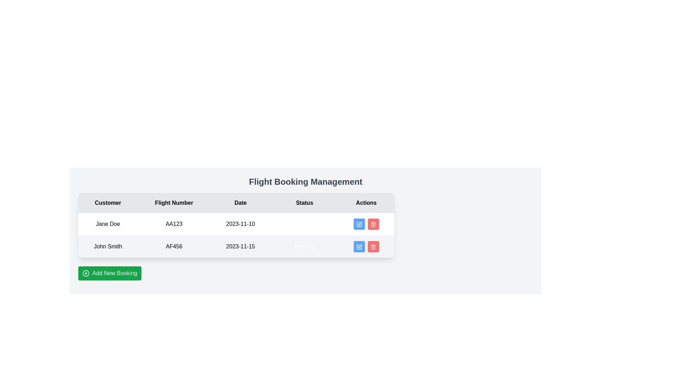  I want to click on the edit button located in the 'Actions' column of the first row in the Flight Booking Management table to initiate editing, so click(359, 224).